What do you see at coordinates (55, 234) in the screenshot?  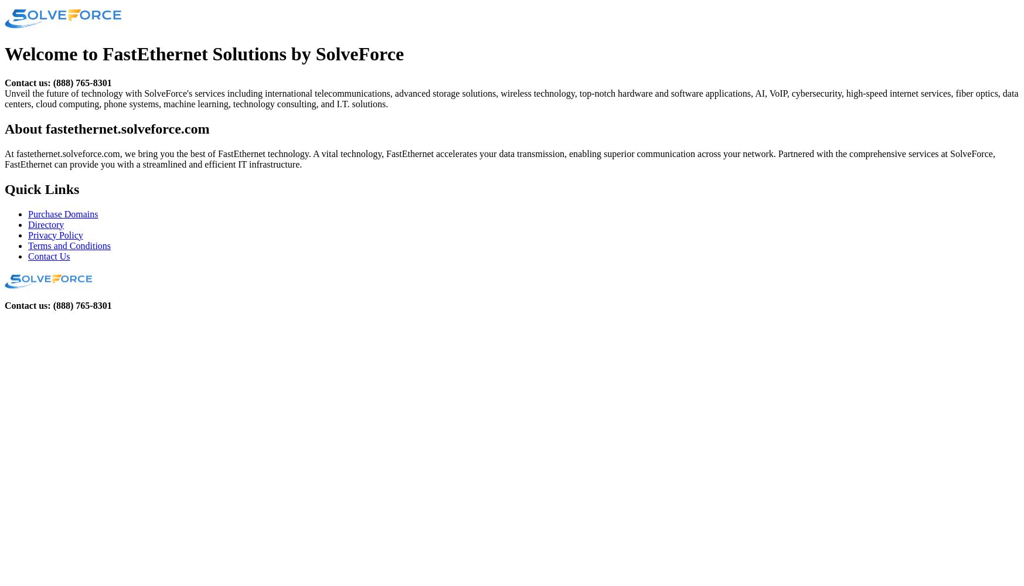 I see `'Privacy Policy'` at bounding box center [55, 234].